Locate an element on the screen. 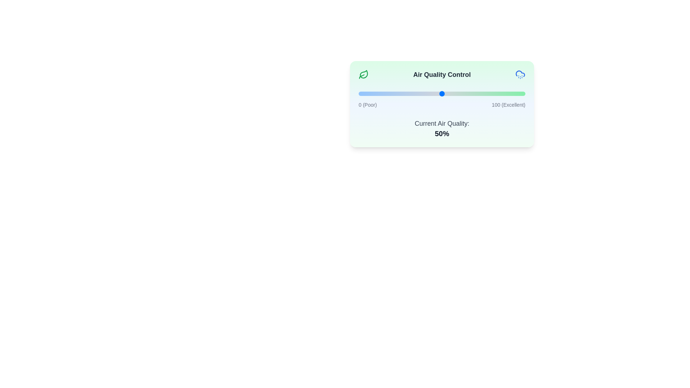  the air quality slider to 96% is located at coordinates (519, 93).